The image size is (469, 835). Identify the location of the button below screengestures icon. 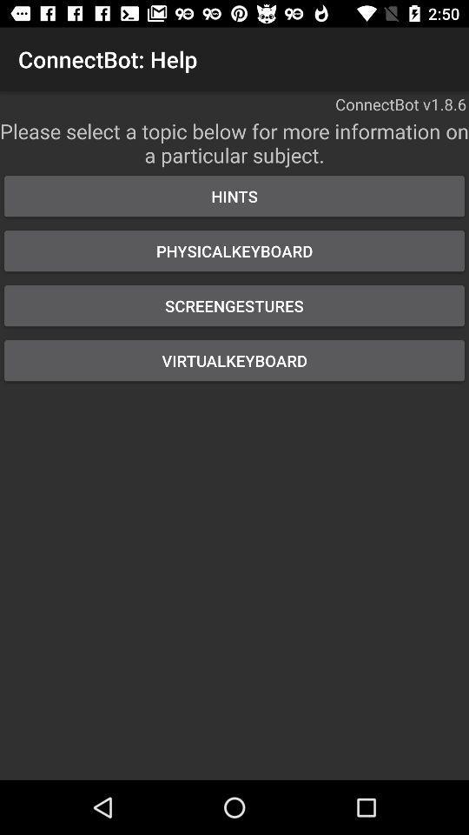
(234, 359).